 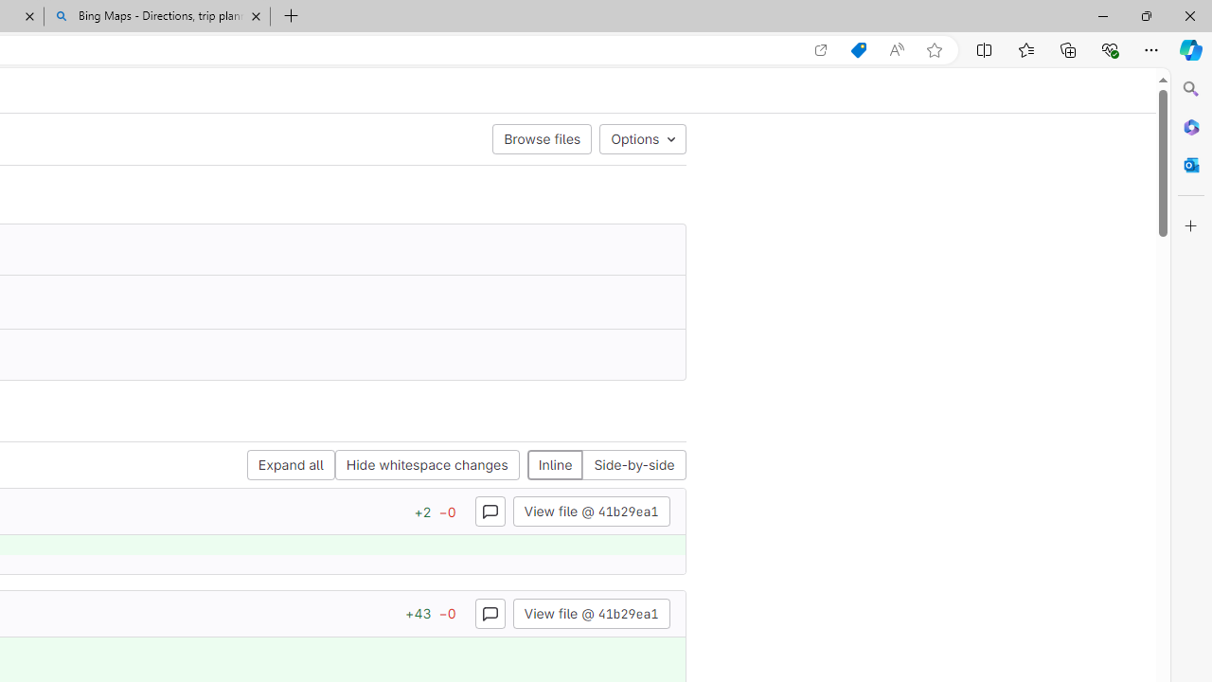 I want to click on 'Open in app', so click(x=821, y=49).